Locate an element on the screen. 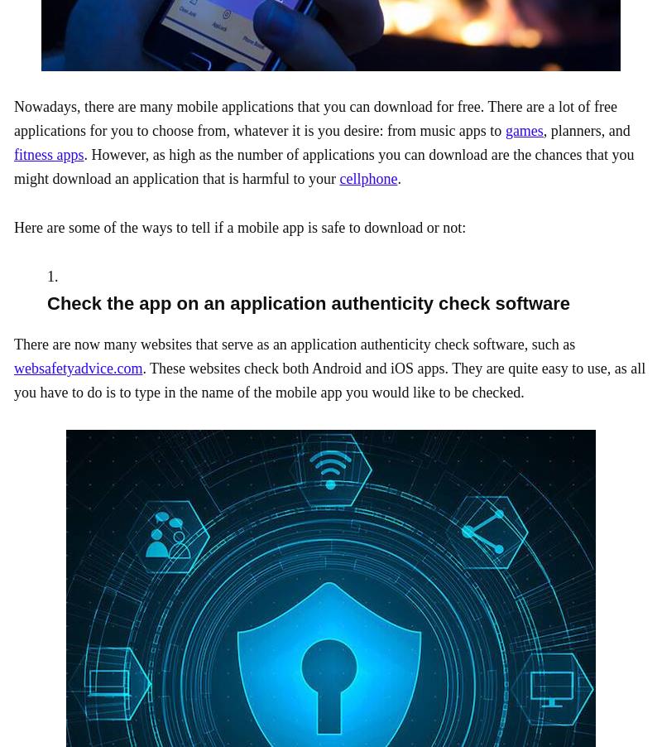 Image resolution: width=662 pixels, height=747 pixels. 'The publish date of an app should coincide with the year that most users have started using the same app. For example, you want to download Expedia into your cellphone. It is a well-known fact that' is located at coordinates (326, 75).